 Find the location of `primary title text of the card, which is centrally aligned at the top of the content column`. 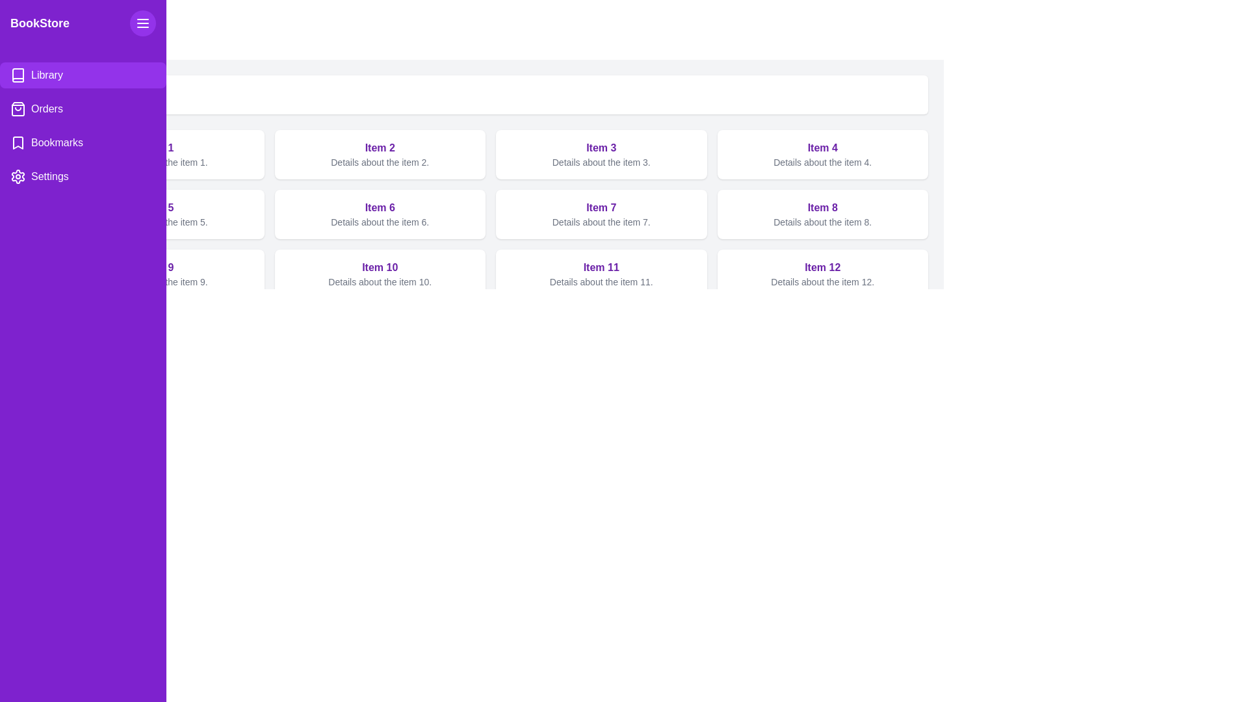

primary title text of the card, which is centrally aligned at the top of the content column is located at coordinates (601, 267).